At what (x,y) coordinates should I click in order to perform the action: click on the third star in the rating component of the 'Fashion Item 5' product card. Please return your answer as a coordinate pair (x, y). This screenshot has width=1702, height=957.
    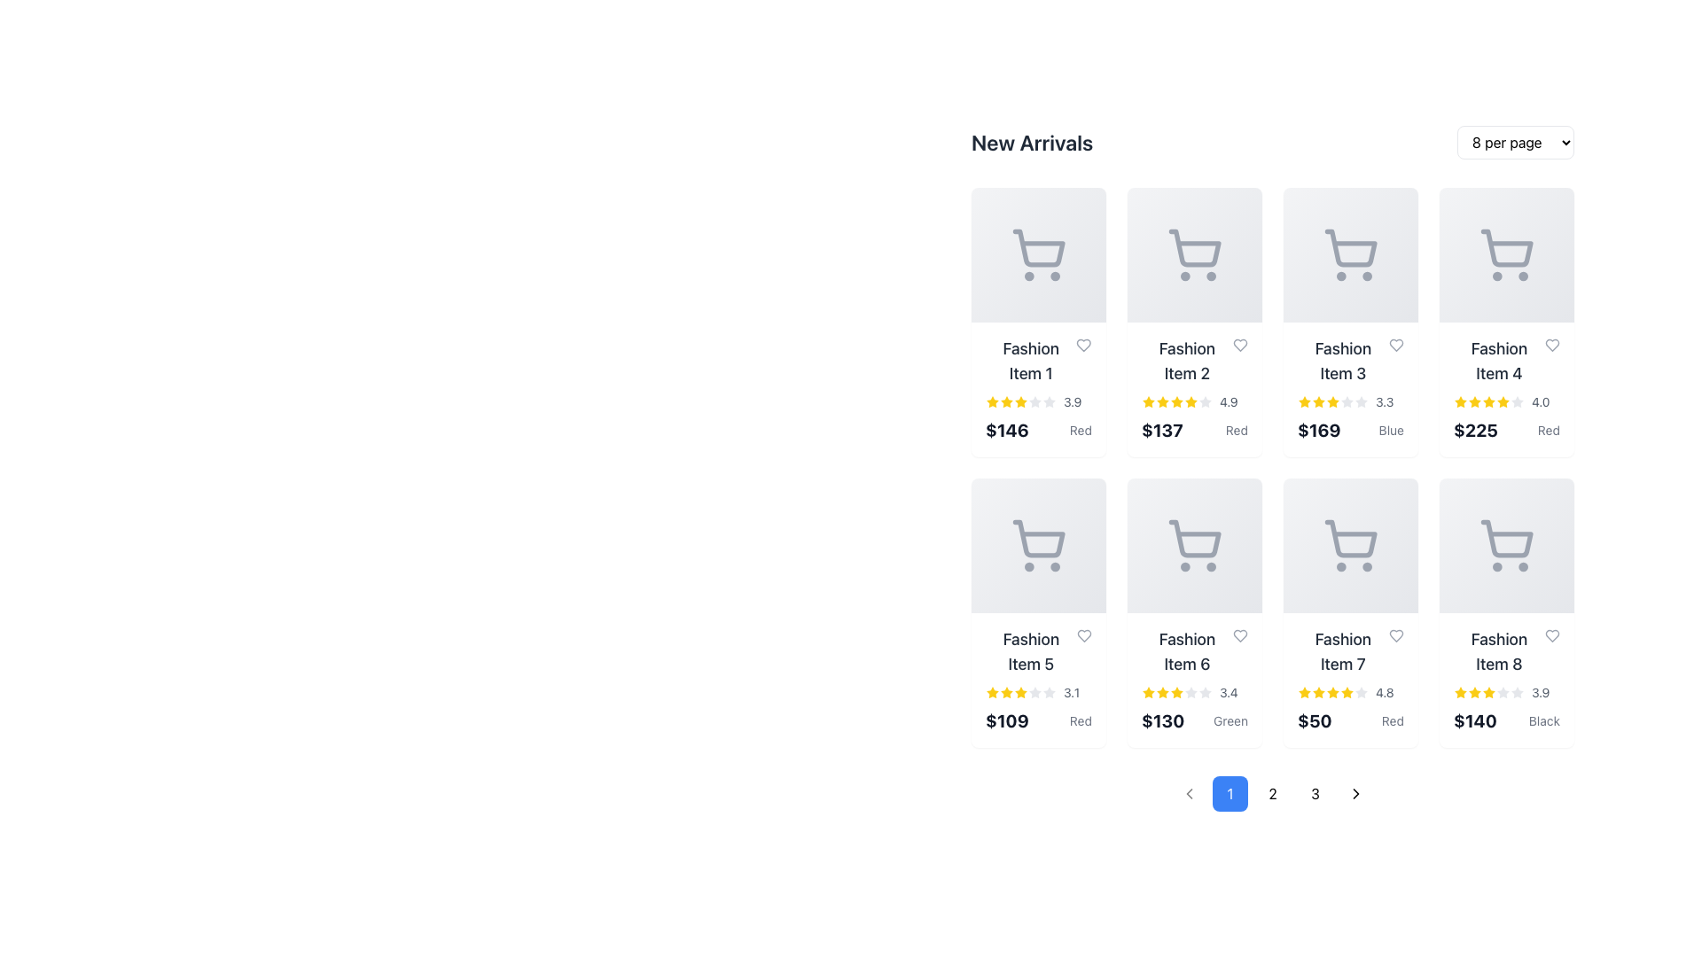
    Looking at the image, I should click on (1007, 692).